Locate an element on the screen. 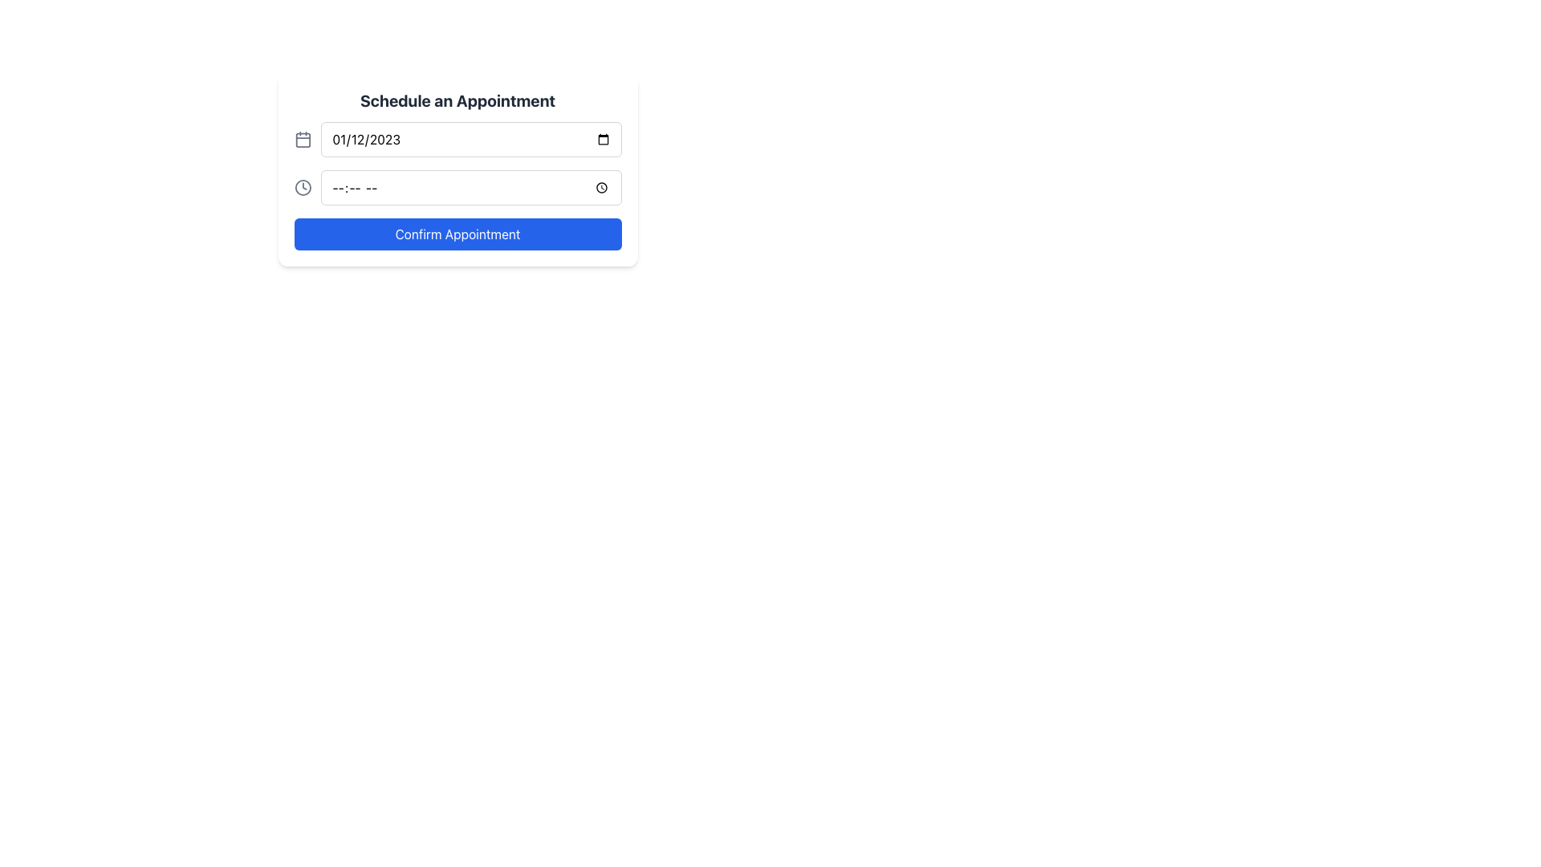  the Circular SVG component that visually represents a clock icon, located adjacent to the time selection input field is located at coordinates (303, 187).